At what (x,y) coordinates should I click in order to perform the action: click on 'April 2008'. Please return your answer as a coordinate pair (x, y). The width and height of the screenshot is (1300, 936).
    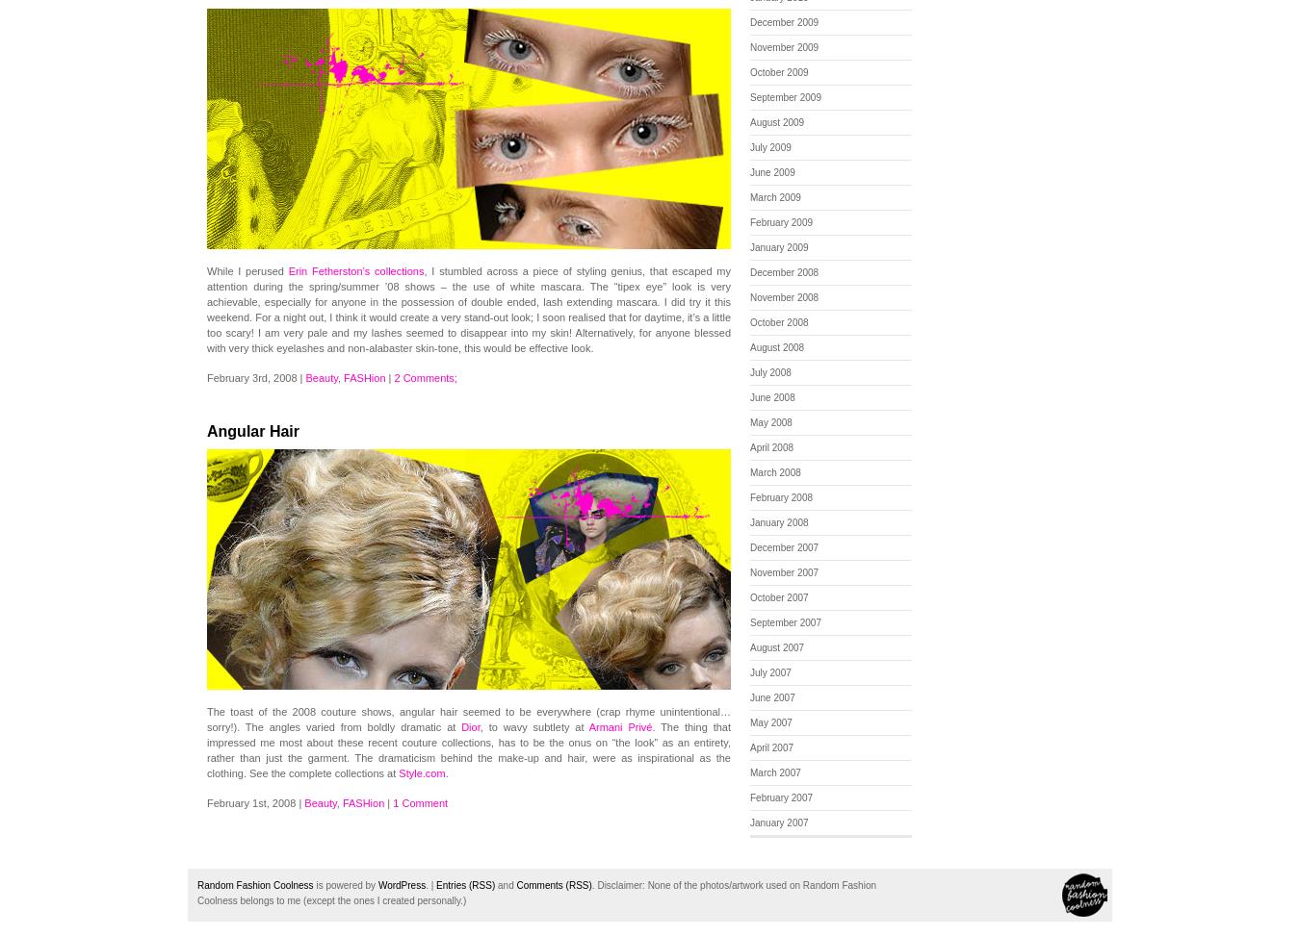
    Looking at the image, I should click on (771, 447).